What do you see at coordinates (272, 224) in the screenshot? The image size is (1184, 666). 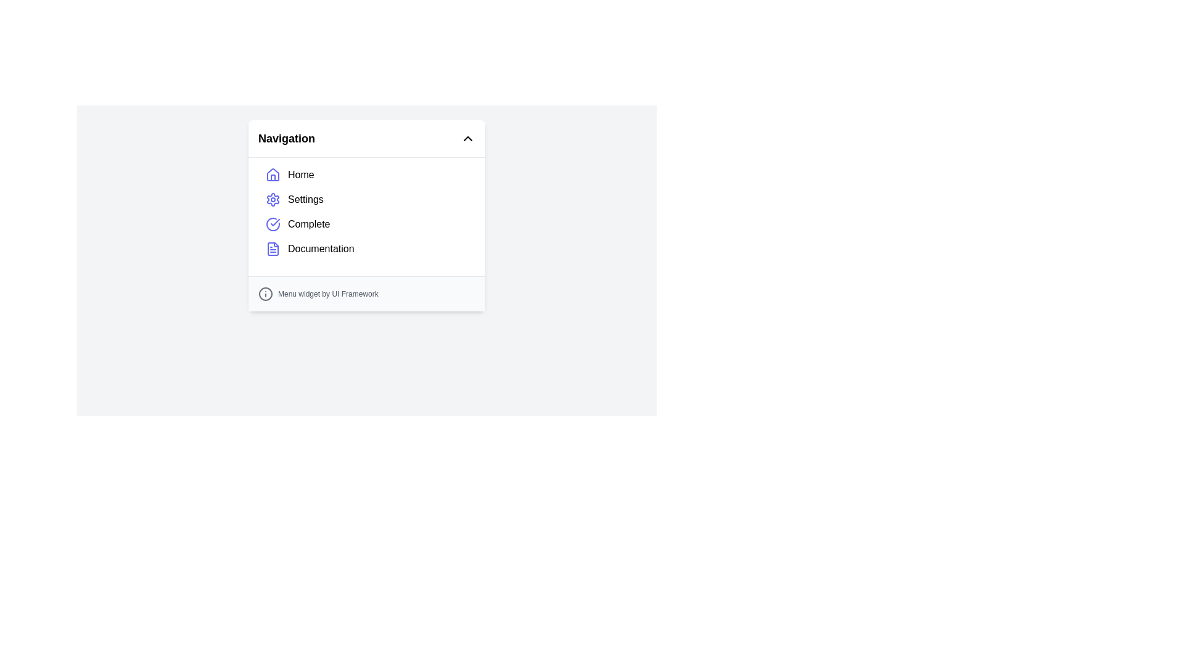 I see `the blue circular icon with a checkmark inside, located to the left of the 'Complete' label in the vertical navigation menu, for status indication` at bounding box center [272, 224].